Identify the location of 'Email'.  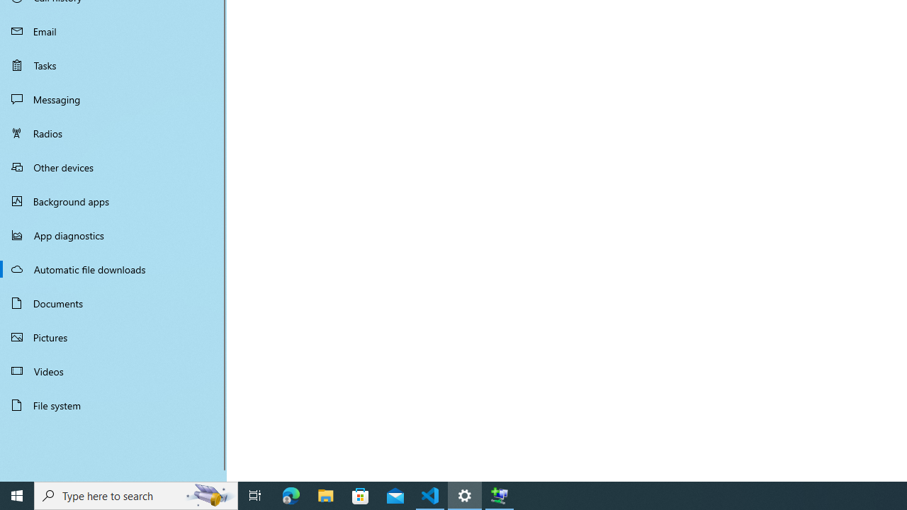
(113, 30).